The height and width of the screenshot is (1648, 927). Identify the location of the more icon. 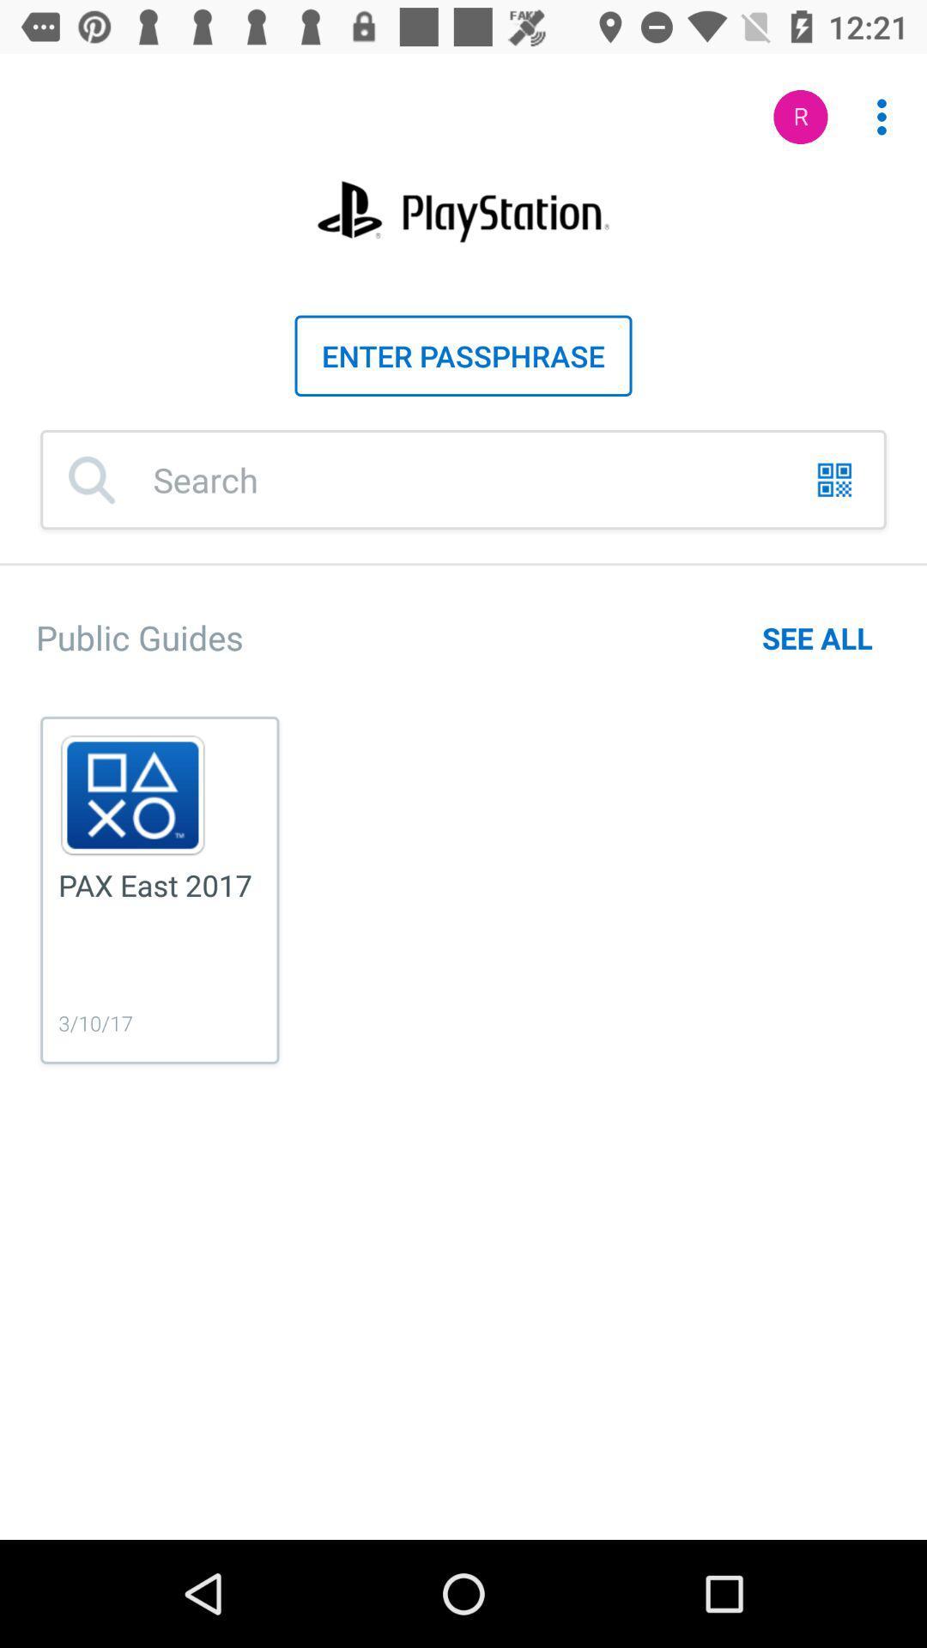
(882, 116).